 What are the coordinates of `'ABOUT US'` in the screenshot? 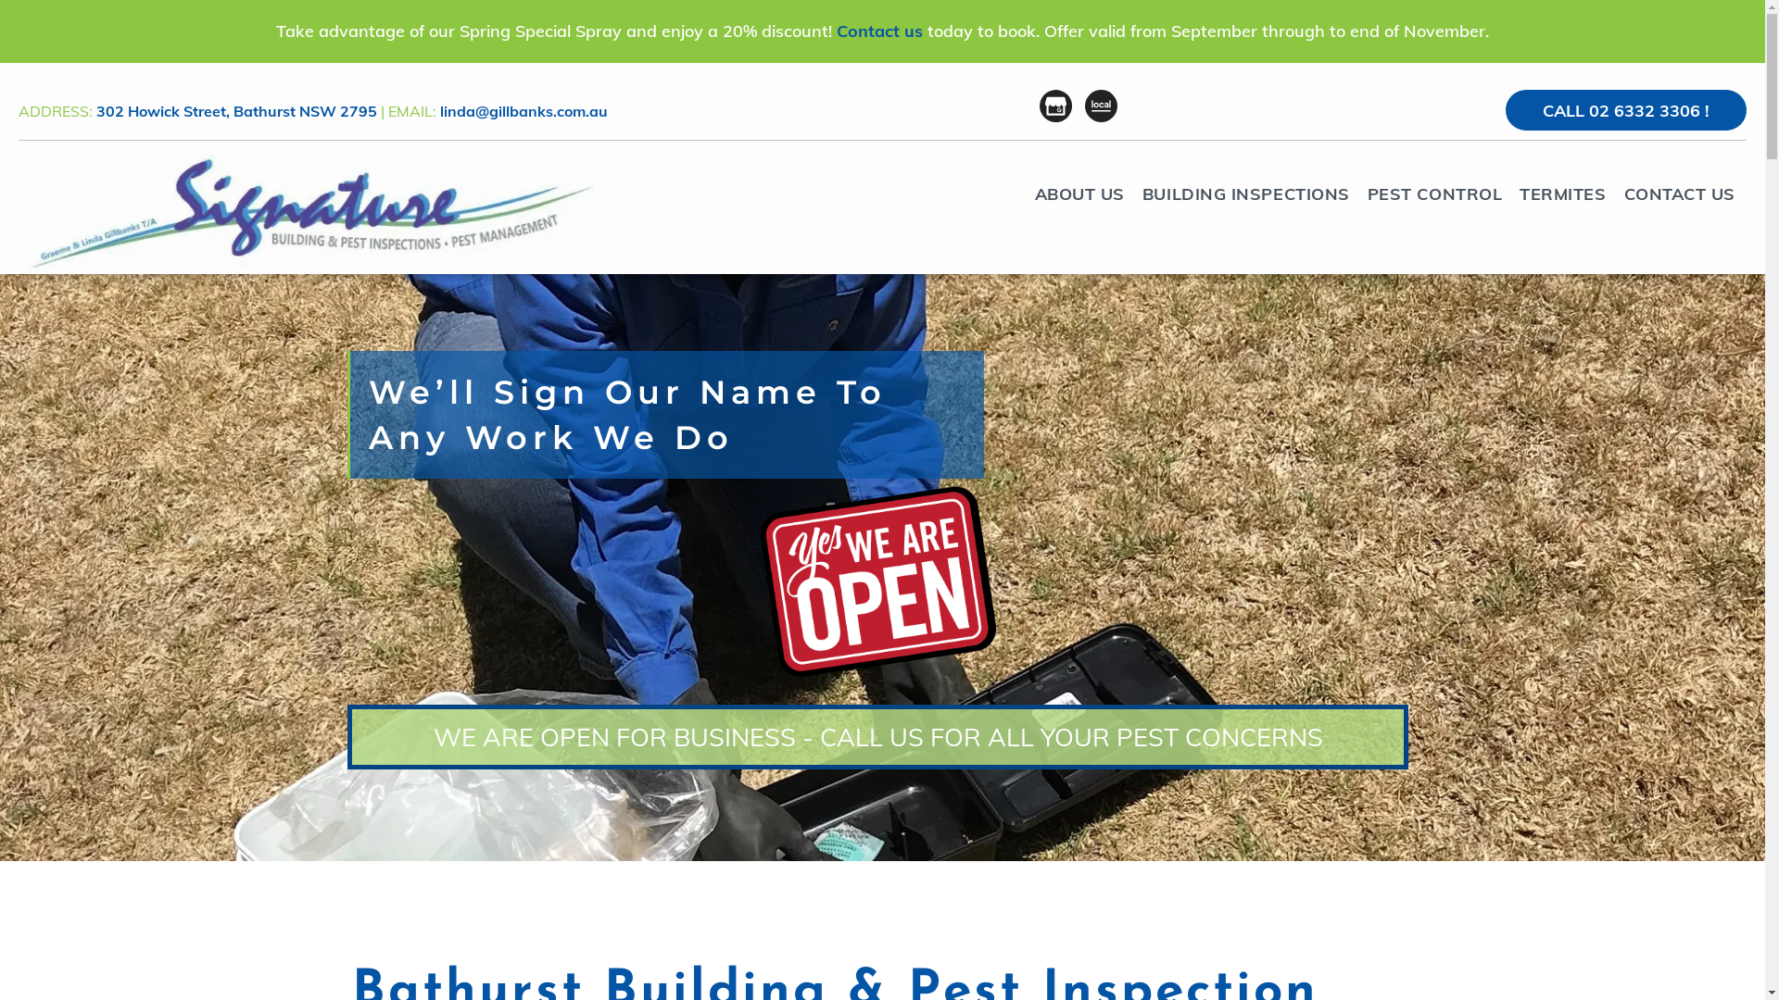 It's located at (1027, 193).